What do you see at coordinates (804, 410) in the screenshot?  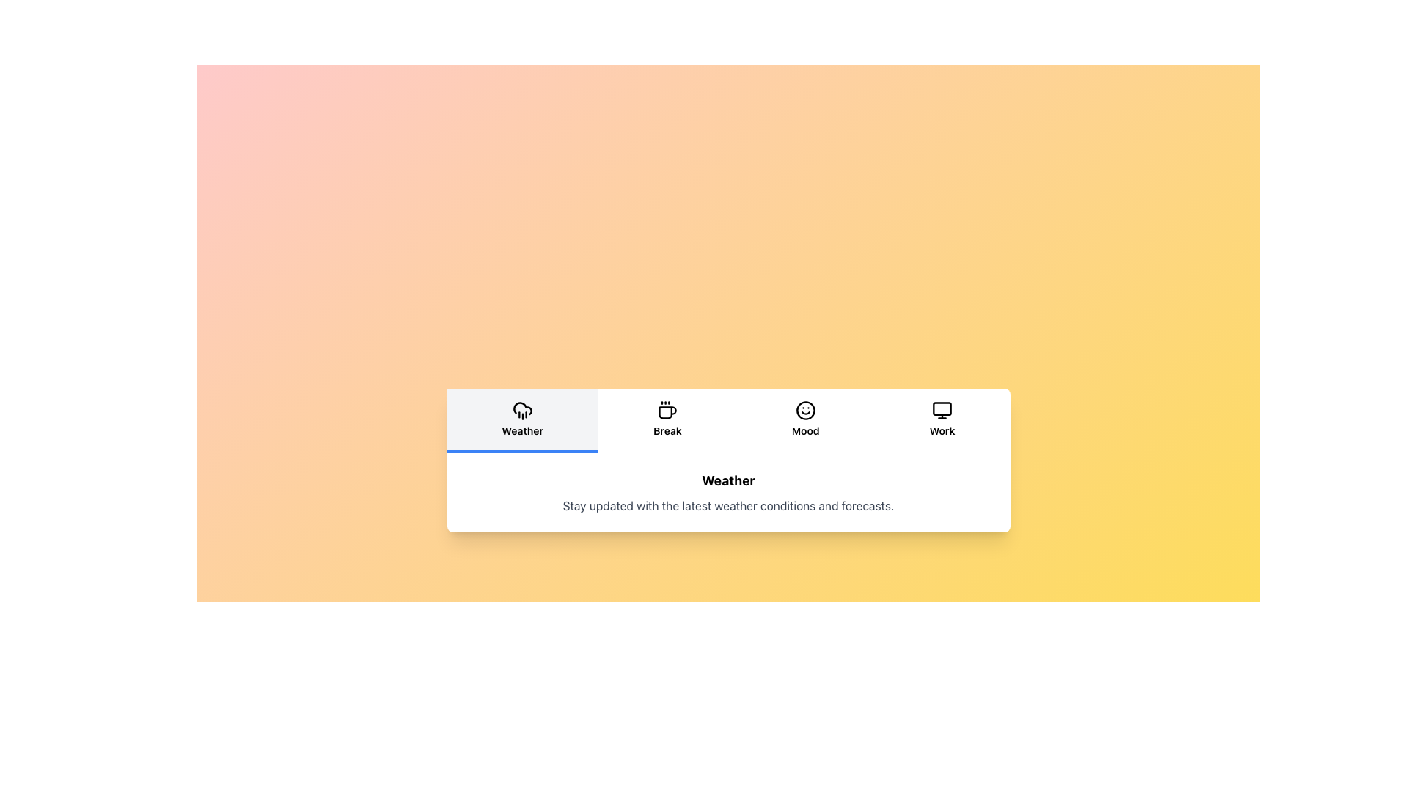 I see `the circular smiling face icon located in the center of the 'Mood' section` at bounding box center [804, 410].